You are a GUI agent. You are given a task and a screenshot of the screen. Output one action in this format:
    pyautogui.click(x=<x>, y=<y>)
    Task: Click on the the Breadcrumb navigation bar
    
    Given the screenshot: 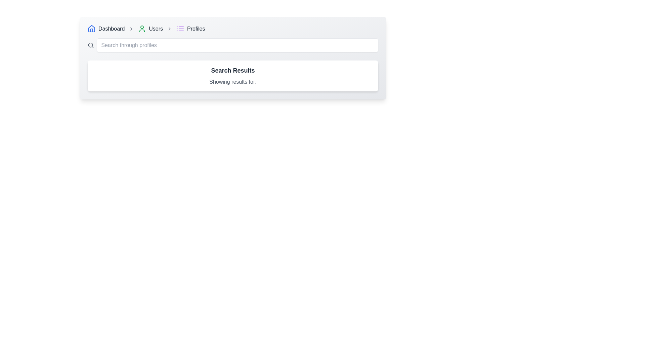 What is the action you would take?
    pyautogui.click(x=233, y=28)
    